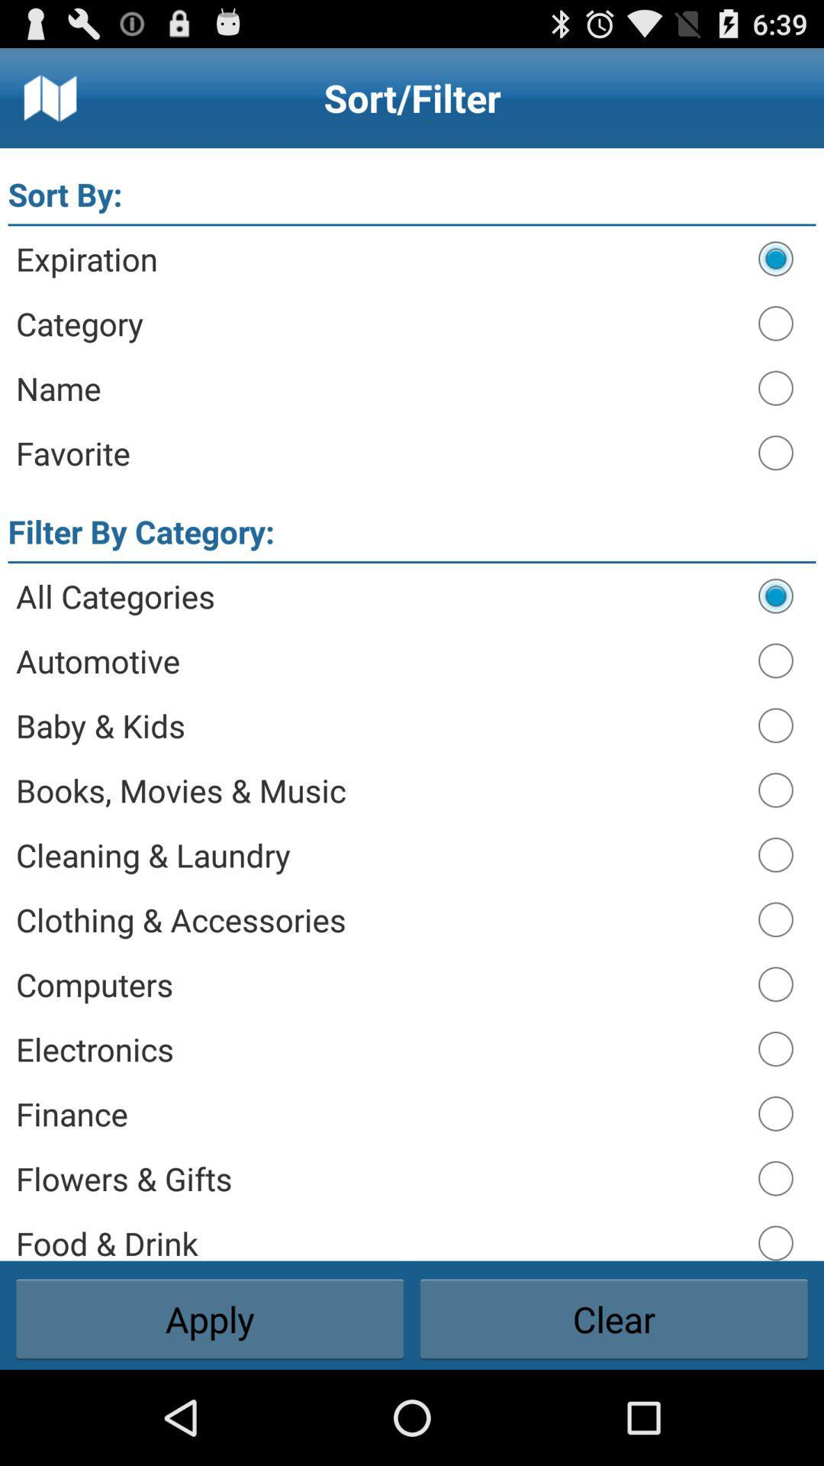 This screenshot has width=824, height=1466. What do you see at coordinates (613, 1319) in the screenshot?
I see `the icon below food & drink app` at bounding box center [613, 1319].